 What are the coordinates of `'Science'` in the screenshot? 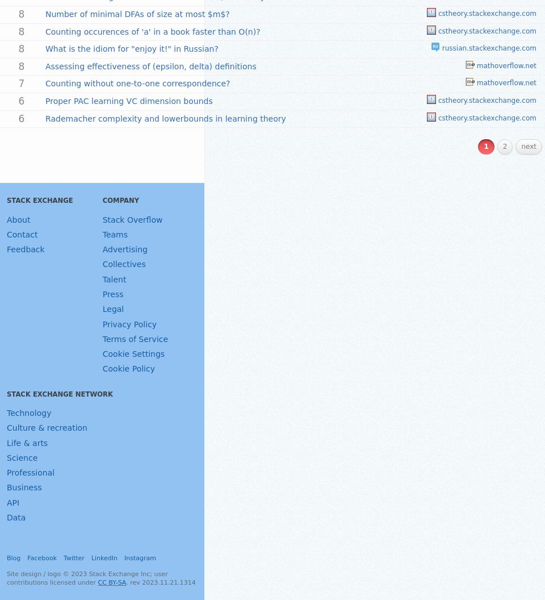 It's located at (21, 457).